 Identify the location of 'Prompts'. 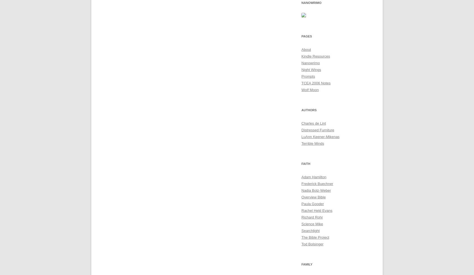
(308, 76).